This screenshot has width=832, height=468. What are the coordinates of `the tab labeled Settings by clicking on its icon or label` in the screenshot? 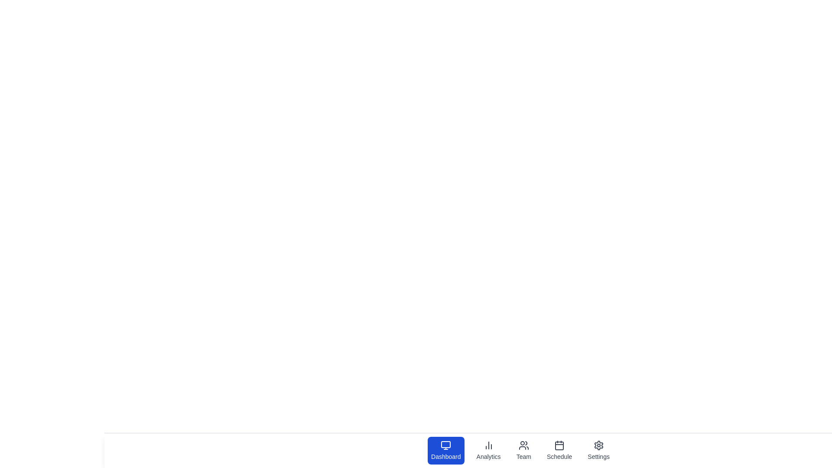 It's located at (598, 450).